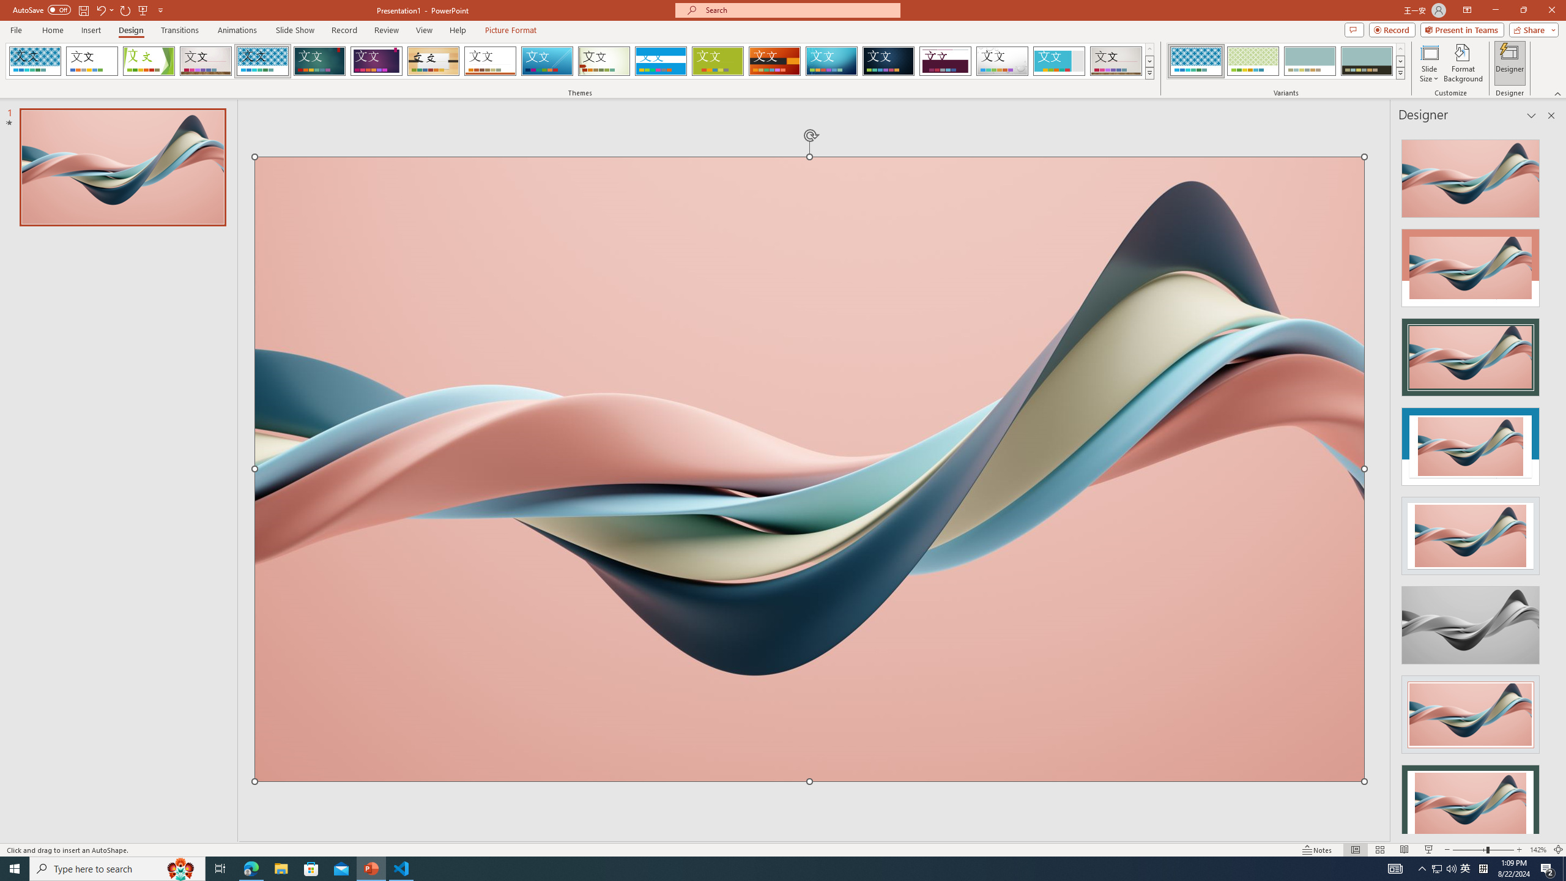 This screenshot has height=881, width=1566. I want to click on 'Ion', so click(319, 61).